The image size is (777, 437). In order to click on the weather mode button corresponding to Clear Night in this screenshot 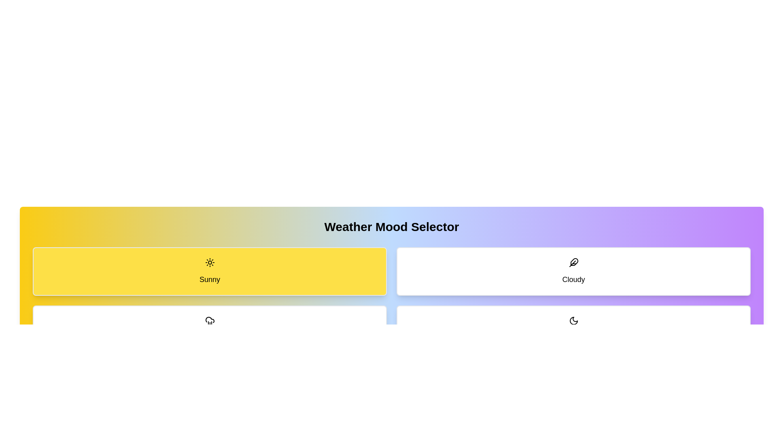, I will do `click(573, 329)`.